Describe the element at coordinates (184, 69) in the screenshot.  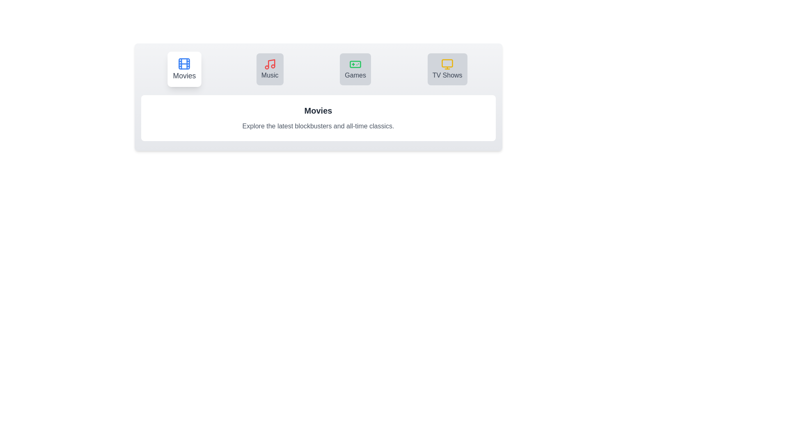
I see `the tab button labeled Movies to switch to the corresponding section` at that location.